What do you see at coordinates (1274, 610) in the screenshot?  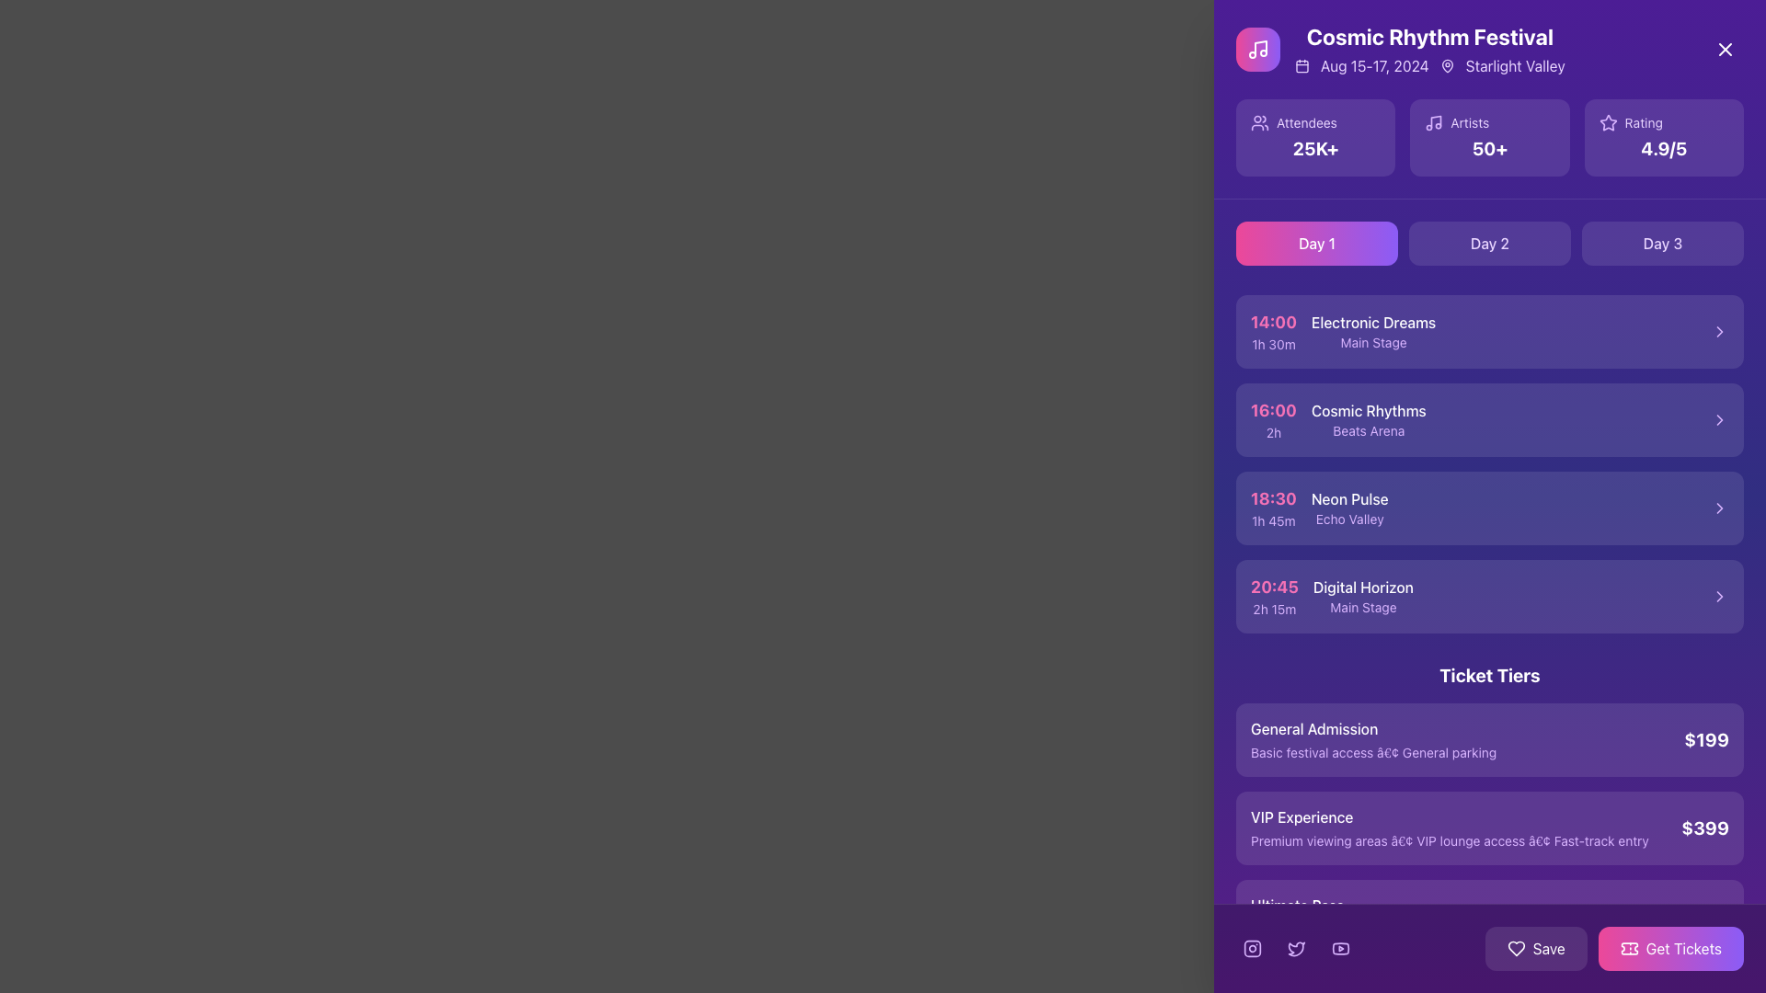 I see `the static text displaying '2h 15m' styled in light purple on a dark purple background, located below the larger timestamp '20:45' within the 'Digital Horizon' event card` at bounding box center [1274, 610].